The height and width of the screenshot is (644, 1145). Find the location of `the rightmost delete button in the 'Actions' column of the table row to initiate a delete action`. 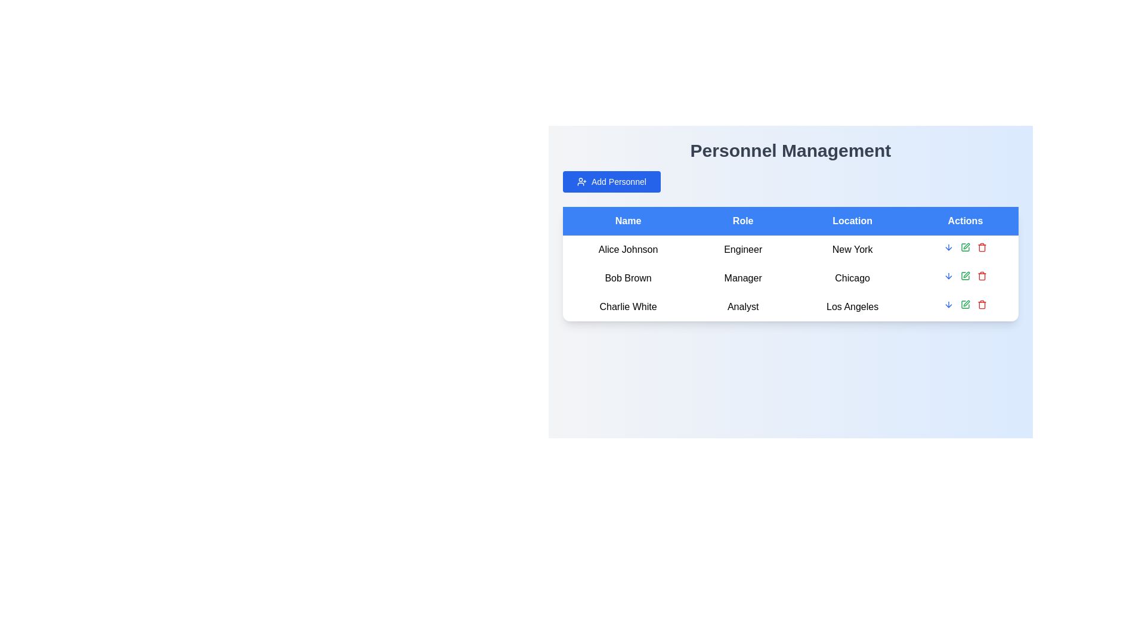

the rightmost delete button in the 'Actions' column of the table row to initiate a delete action is located at coordinates (982, 247).